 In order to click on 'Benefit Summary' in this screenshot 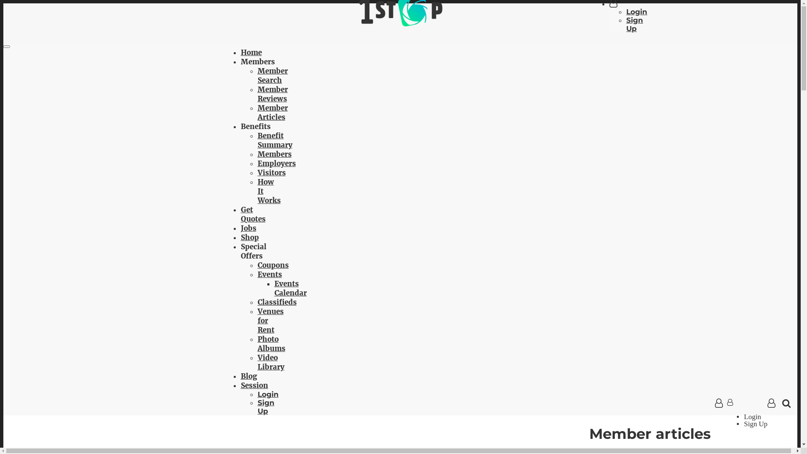, I will do `click(274, 140)`.